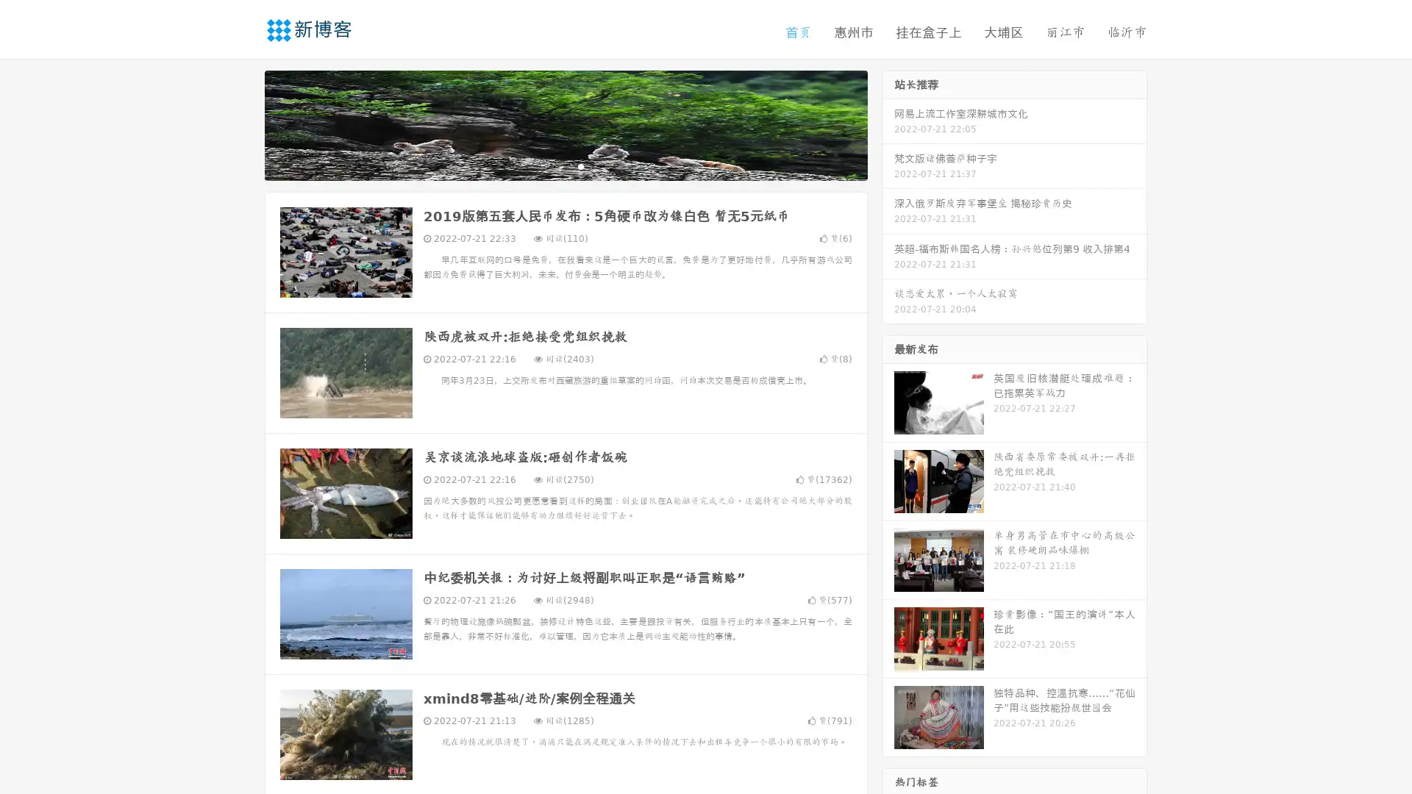  What do you see at coordinates (888, 124) in the screenshot?
I see `Next slide` at bounding box center [888, 124].